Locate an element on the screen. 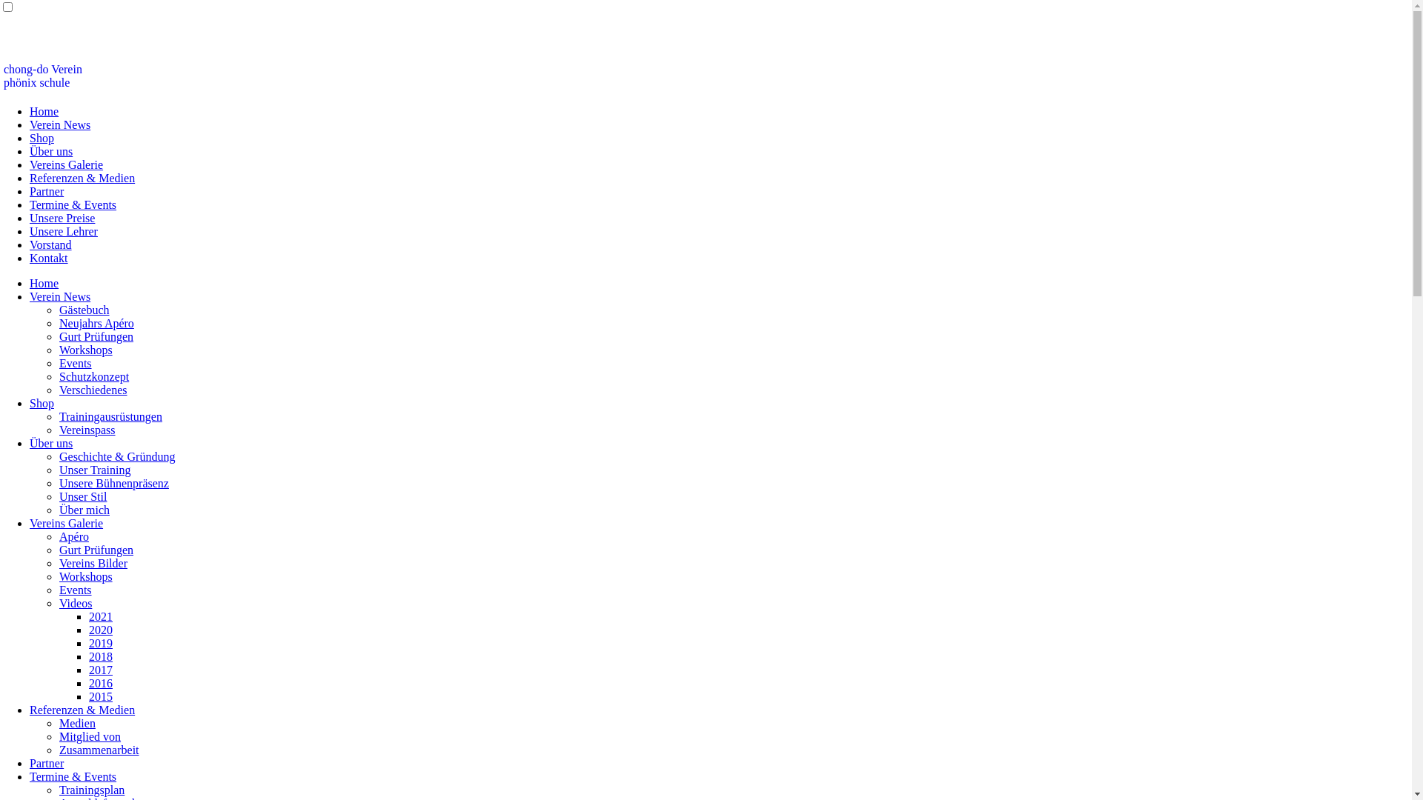 This screenshot has height=800, width=1423. 'Vorstand' is located at coordinates (50, 244).